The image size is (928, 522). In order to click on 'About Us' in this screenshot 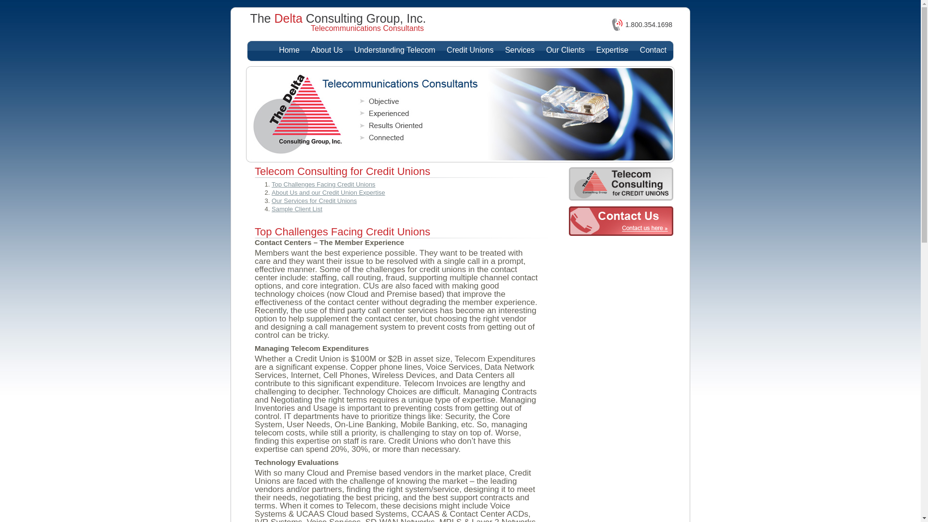, I will do `click(327, 50)`.